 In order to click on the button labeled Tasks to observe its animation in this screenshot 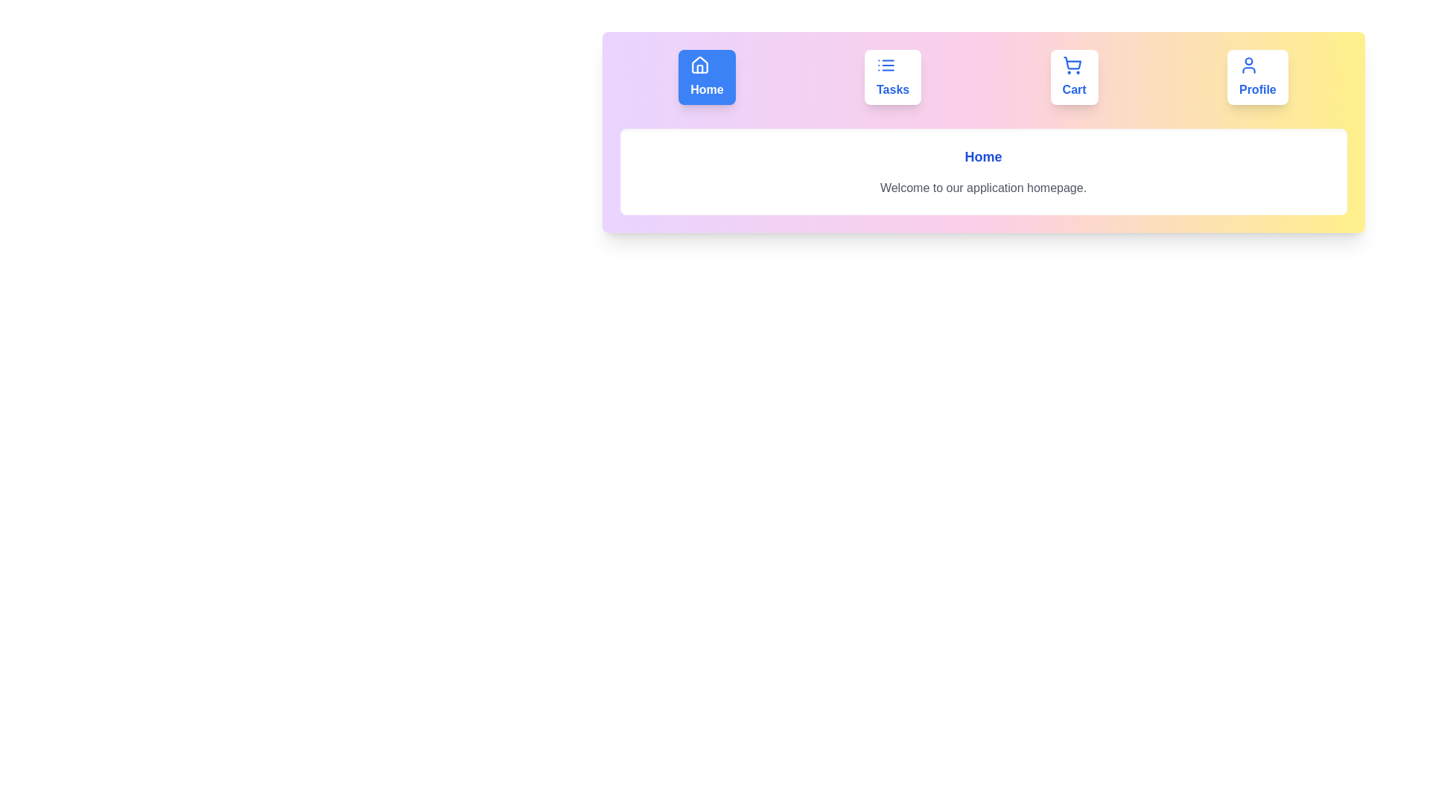, I will do `click(893, 77)`.